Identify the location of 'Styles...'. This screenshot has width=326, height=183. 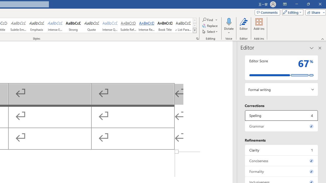
(197, 38).